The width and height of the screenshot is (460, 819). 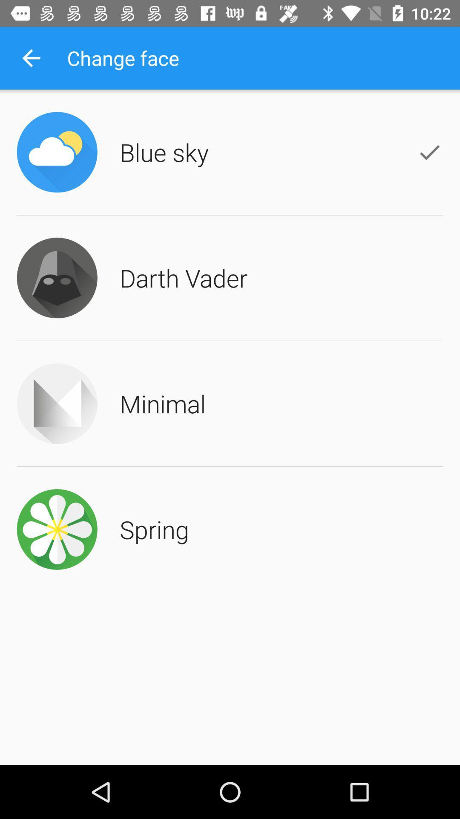 What do you see at coordinates (183, 278) in the screenshot?
I see `the darth vader` at bounding box center [183, 278].